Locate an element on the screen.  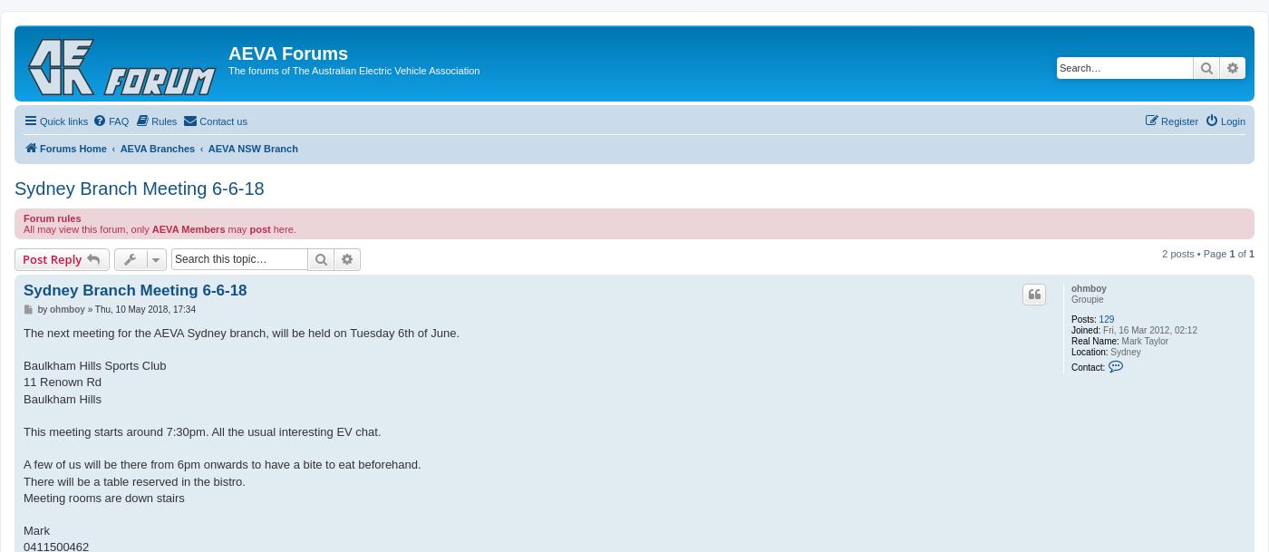
'Mark' is located at coordinates (36, 529).